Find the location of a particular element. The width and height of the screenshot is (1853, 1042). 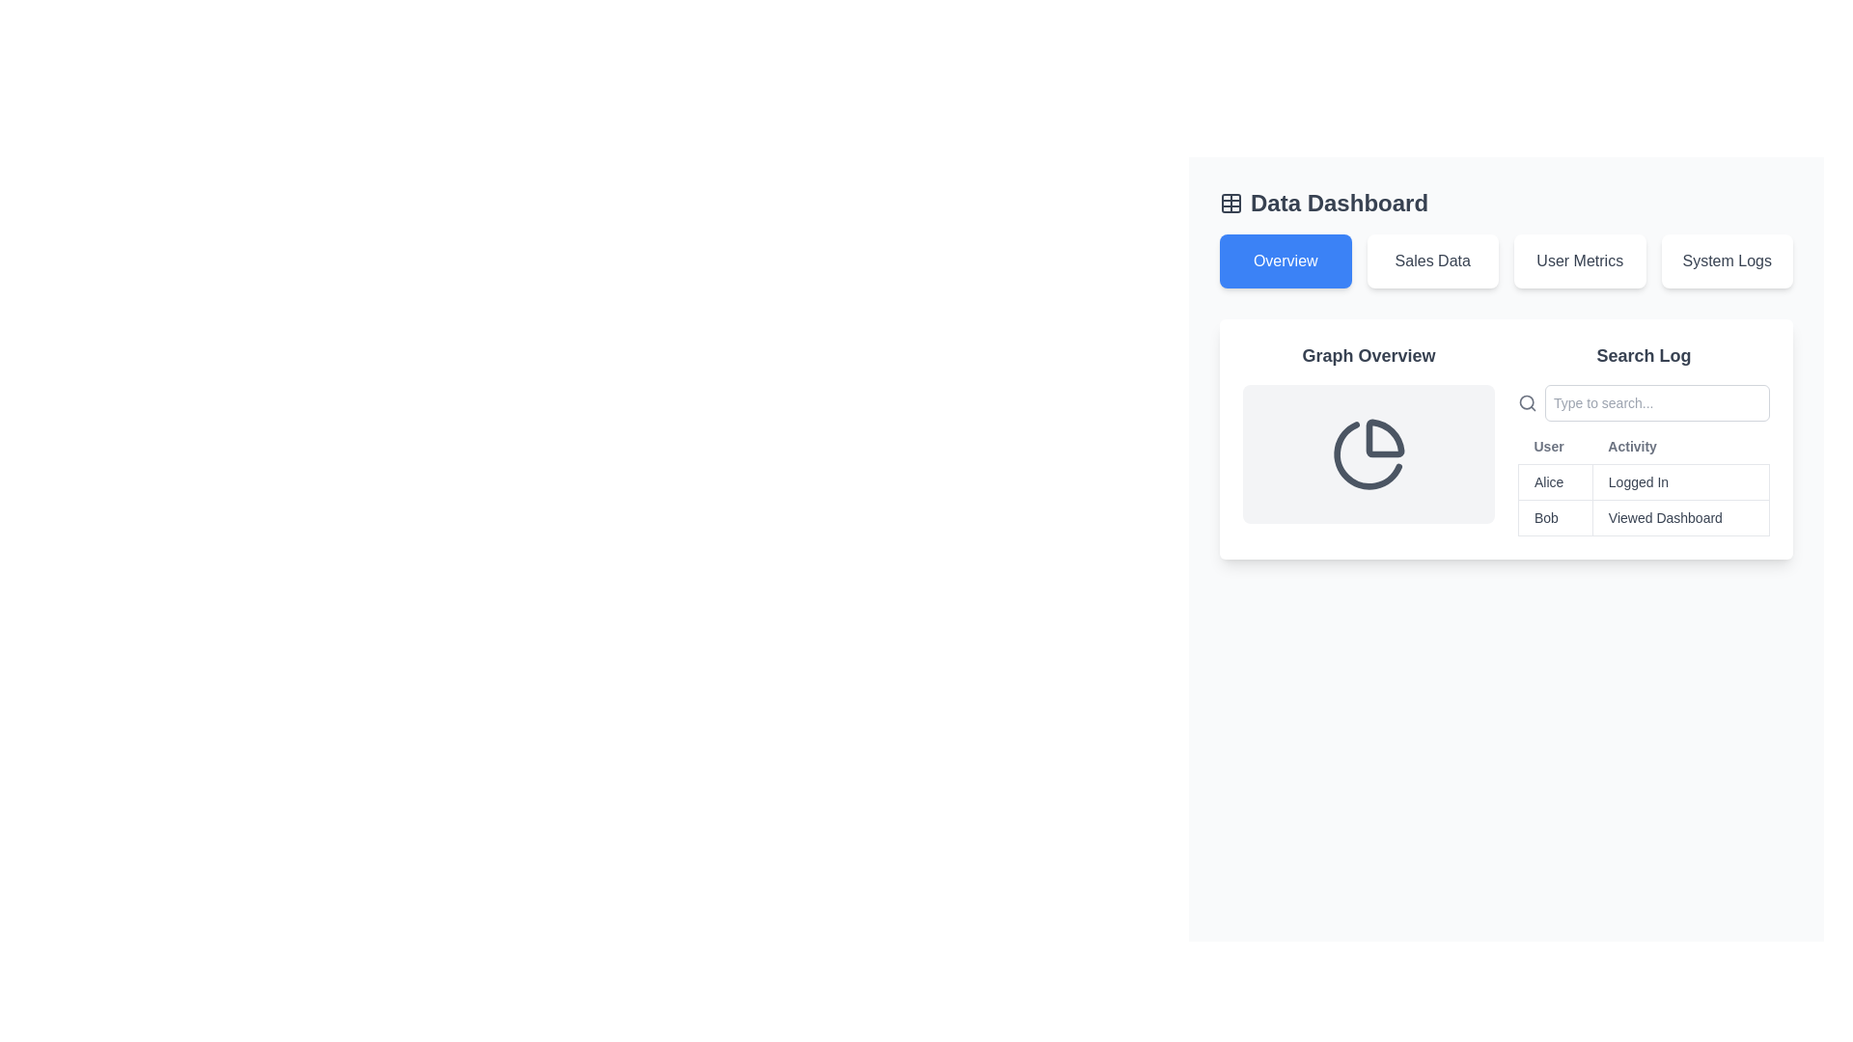

the text label displaying 'Alice' in the 'User' column of the 'Search Log' section, which is the first entry in the table is located at coordinates (1555, 481).